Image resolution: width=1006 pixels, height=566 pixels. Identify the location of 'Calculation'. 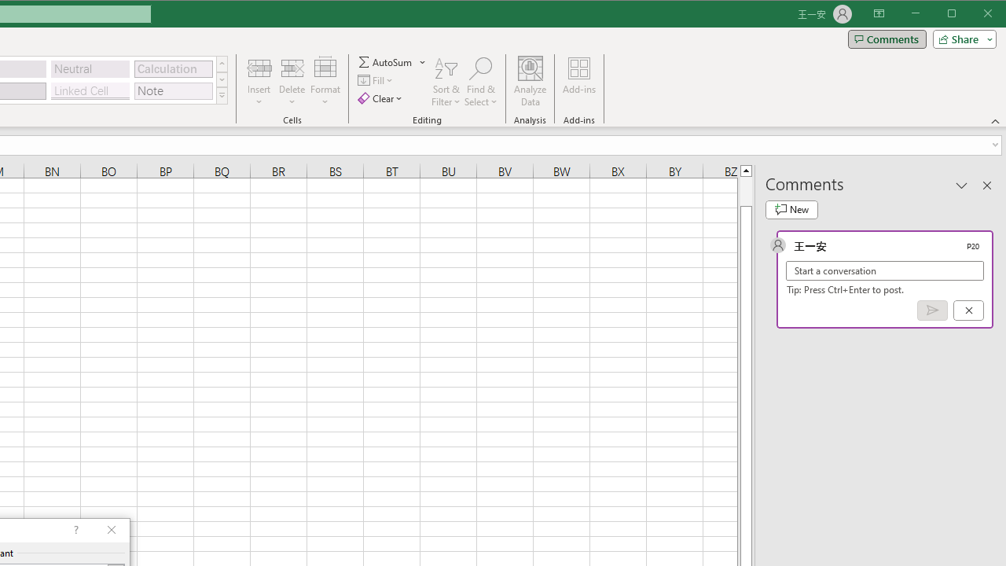
(173, 68).